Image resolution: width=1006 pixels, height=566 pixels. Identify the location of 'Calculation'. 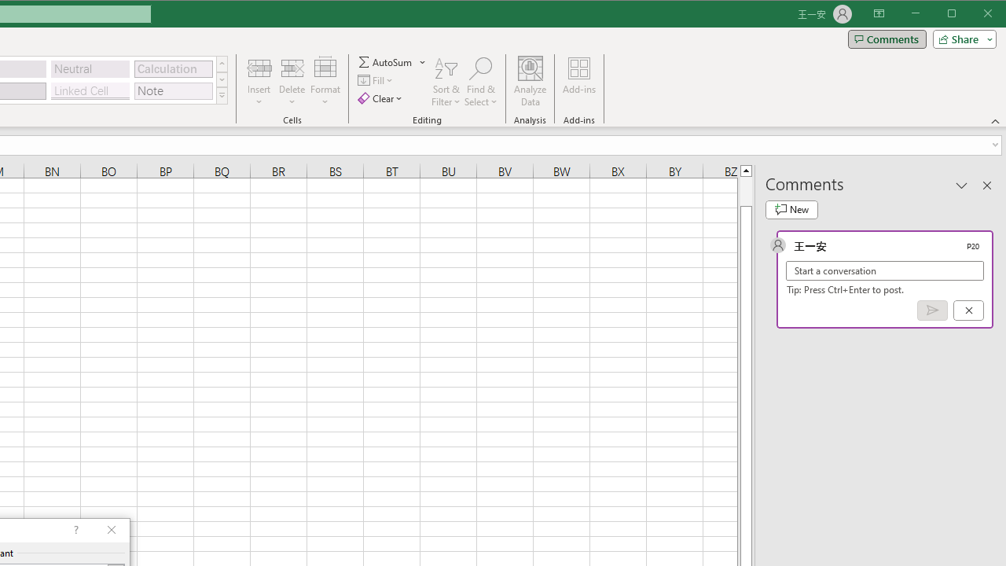
(173, 68).